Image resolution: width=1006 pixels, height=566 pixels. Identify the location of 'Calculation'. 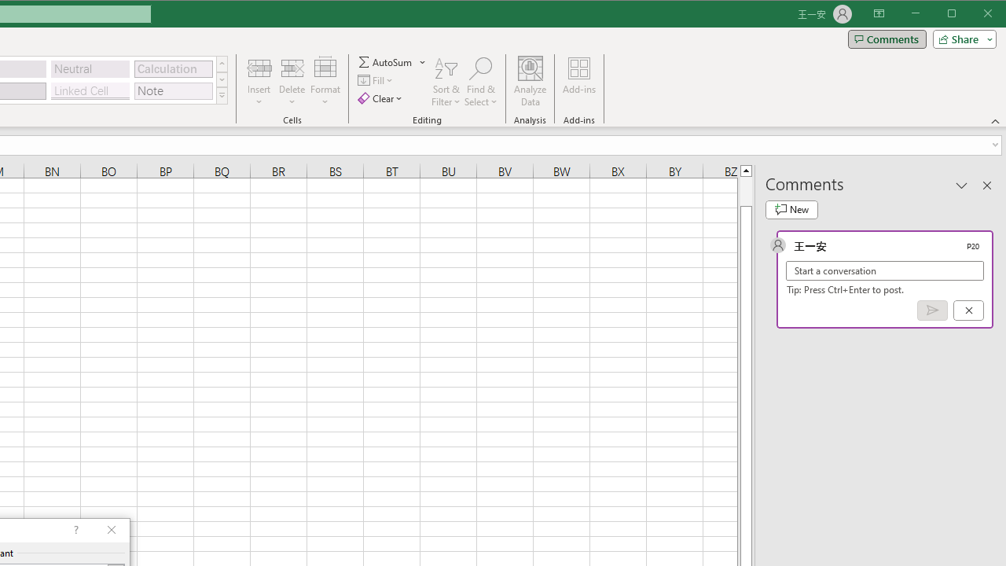
(173, 68).